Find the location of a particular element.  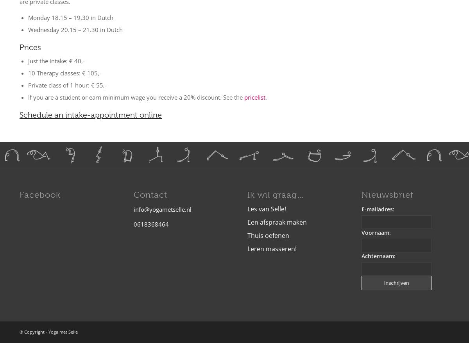

'Monday 18.15 – 19.30 in Dutch' is located at coordinates (70, 16).